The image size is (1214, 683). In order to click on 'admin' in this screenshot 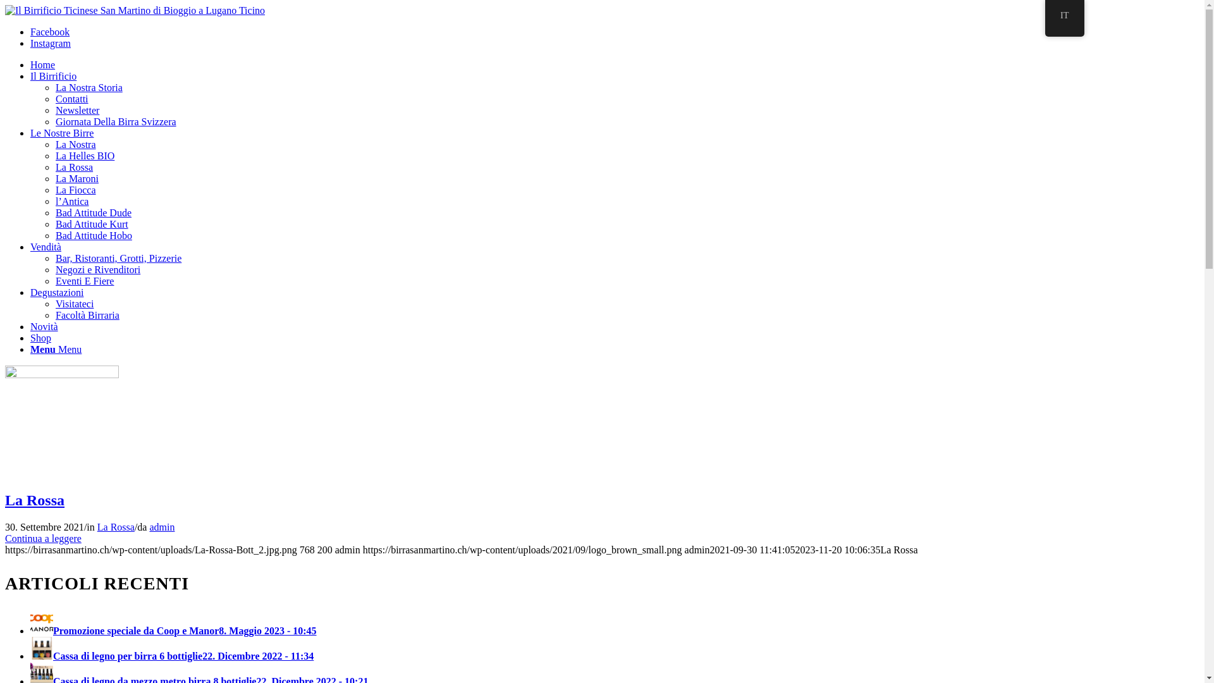, I will do `click(161, 527)`.